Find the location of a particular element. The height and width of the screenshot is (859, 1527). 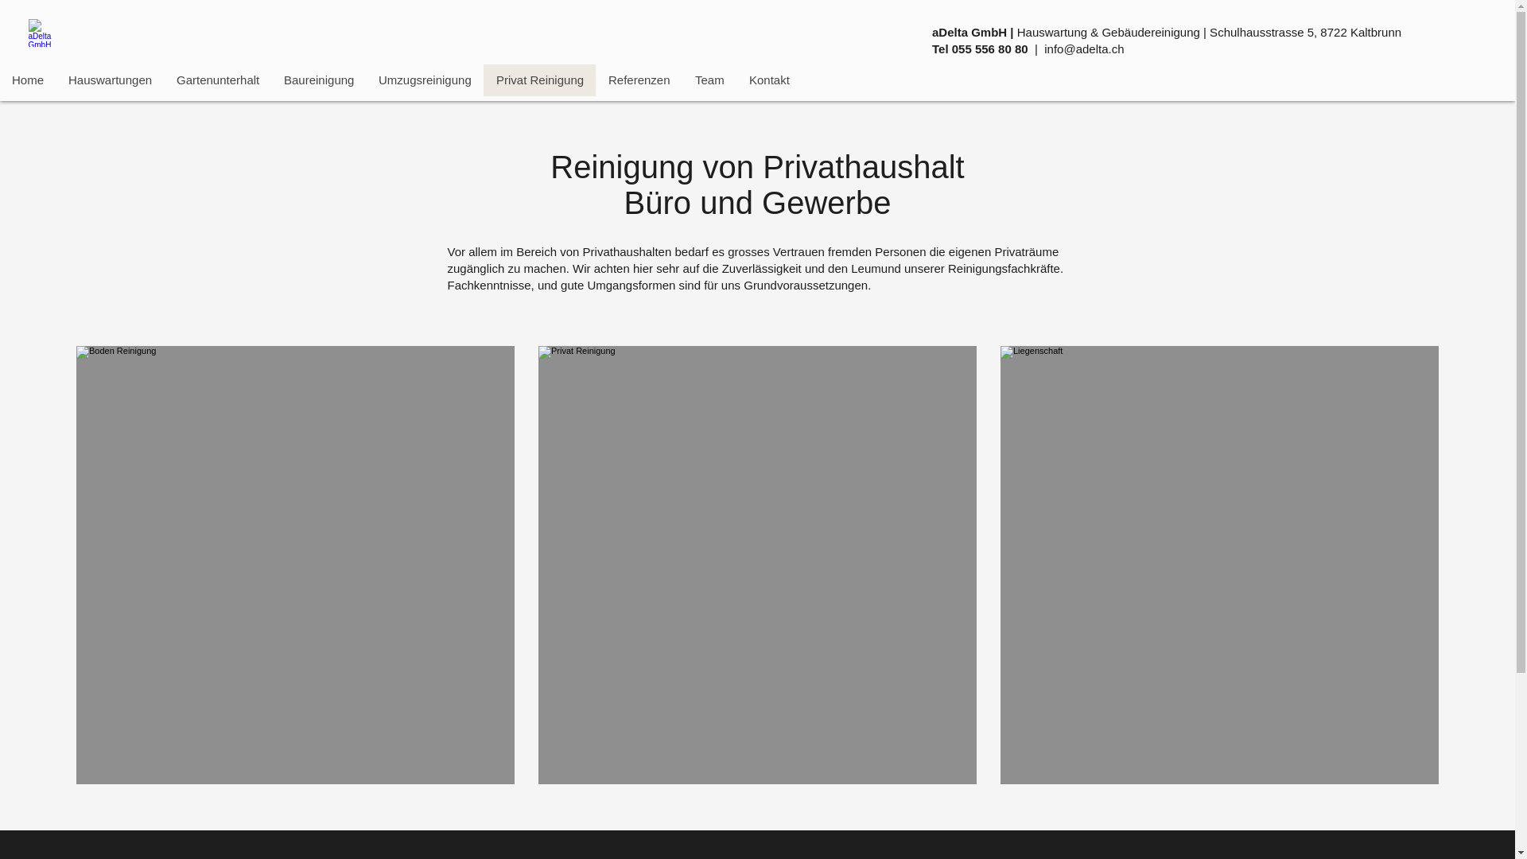

'Kontakt' is located at coordinates (768, 80).